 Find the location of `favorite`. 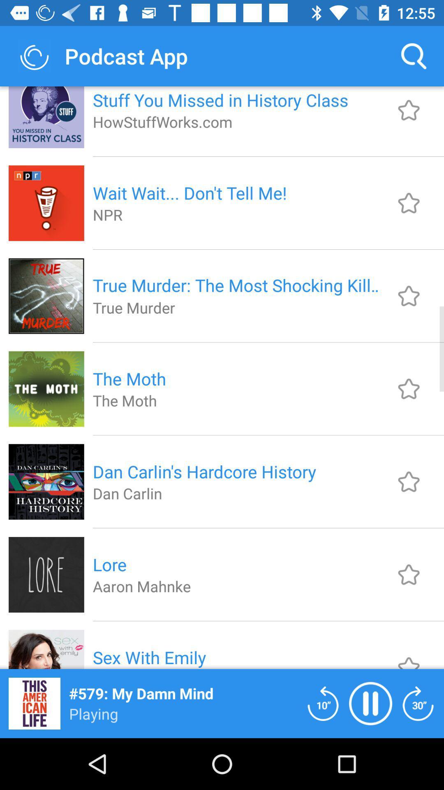

favorite is located at coordinates (409, 655).